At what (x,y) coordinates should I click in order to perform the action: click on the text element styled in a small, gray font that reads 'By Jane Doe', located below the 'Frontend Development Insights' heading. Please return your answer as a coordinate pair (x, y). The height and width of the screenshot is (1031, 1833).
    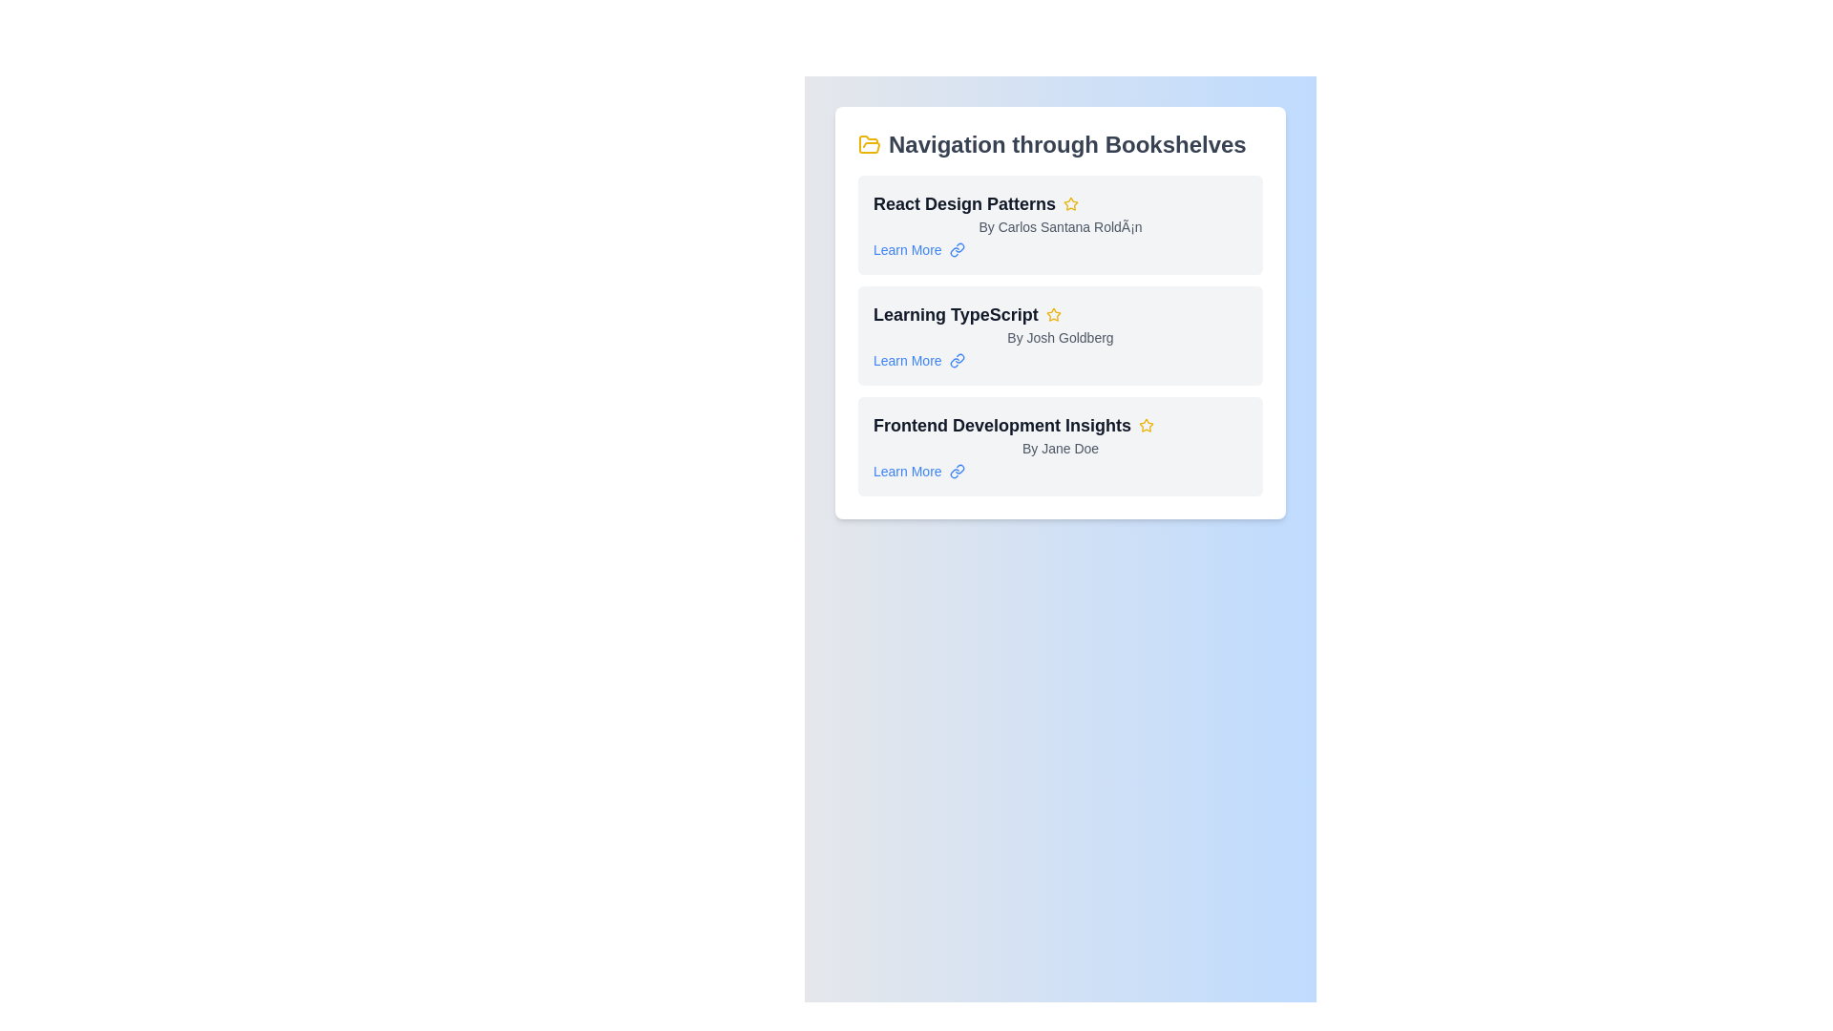
    Looking at the image, I should click on (1059, 449).